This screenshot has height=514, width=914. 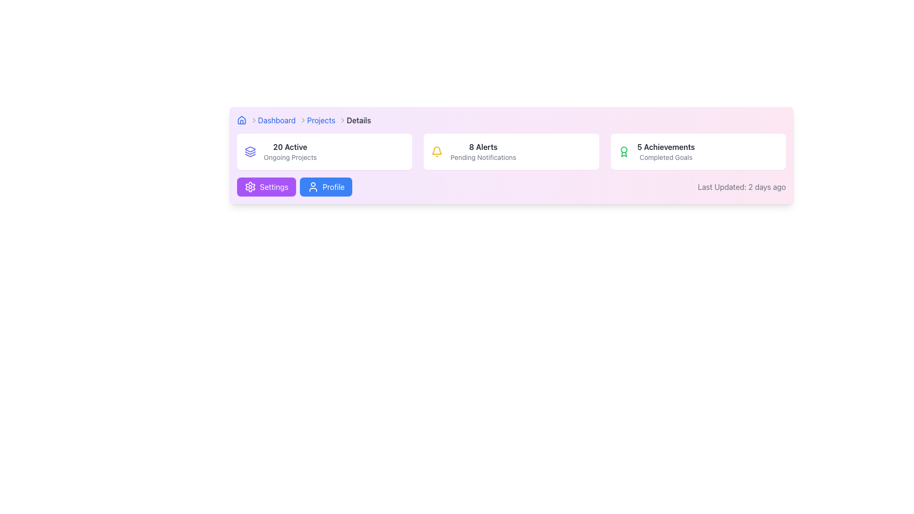 What do you see at coordinates (266, 187) in the screenshot?
I see `the 'Settings' button, which is a purple rectangular button with a gear icon and white text, to change its background color to a slightly darker purple` at bounding box center [266, 187].